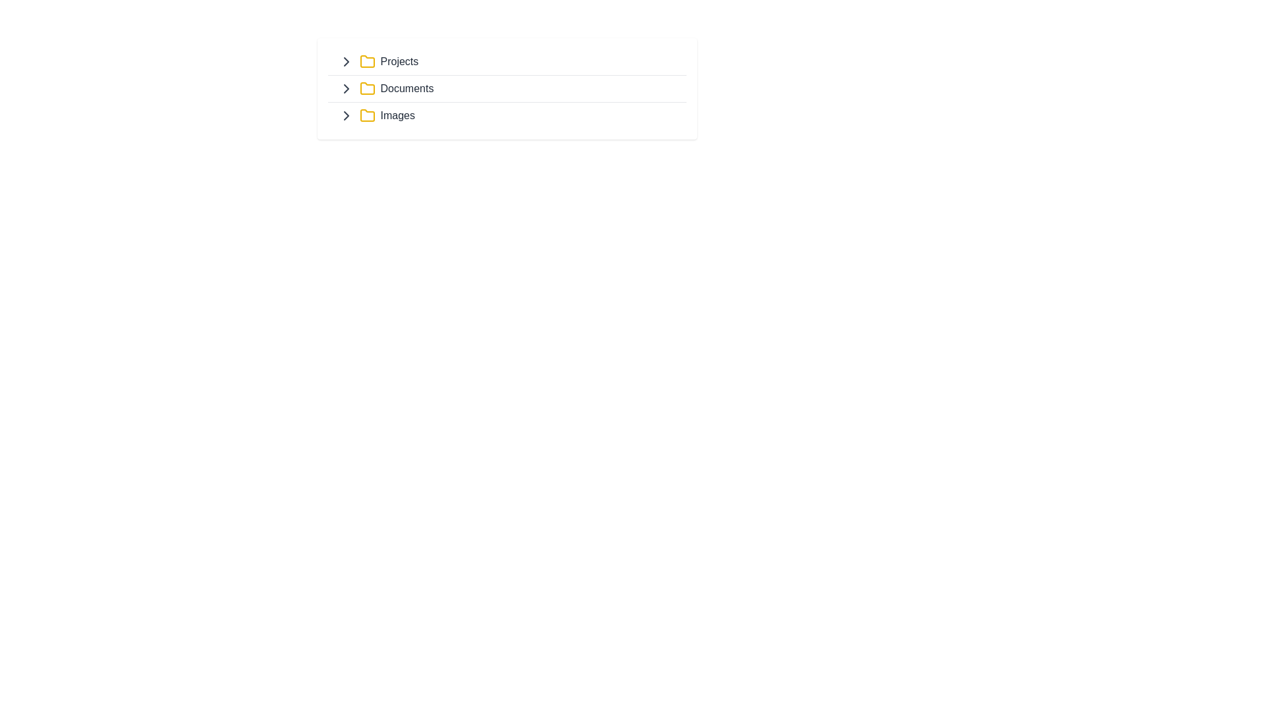  Describe the element at coordinates (397, 115) in the screenshot. I see `the text label that identifies the 'Images' section, which is located at the bottom-right of the displayed list, following a chevron and a folder icon` at that location.